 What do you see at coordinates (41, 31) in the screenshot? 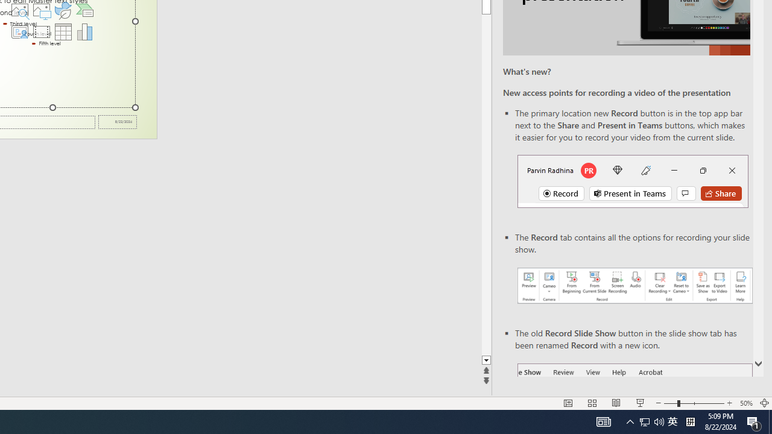
I see `'Insert Video'` at bounding box center [41, 31].